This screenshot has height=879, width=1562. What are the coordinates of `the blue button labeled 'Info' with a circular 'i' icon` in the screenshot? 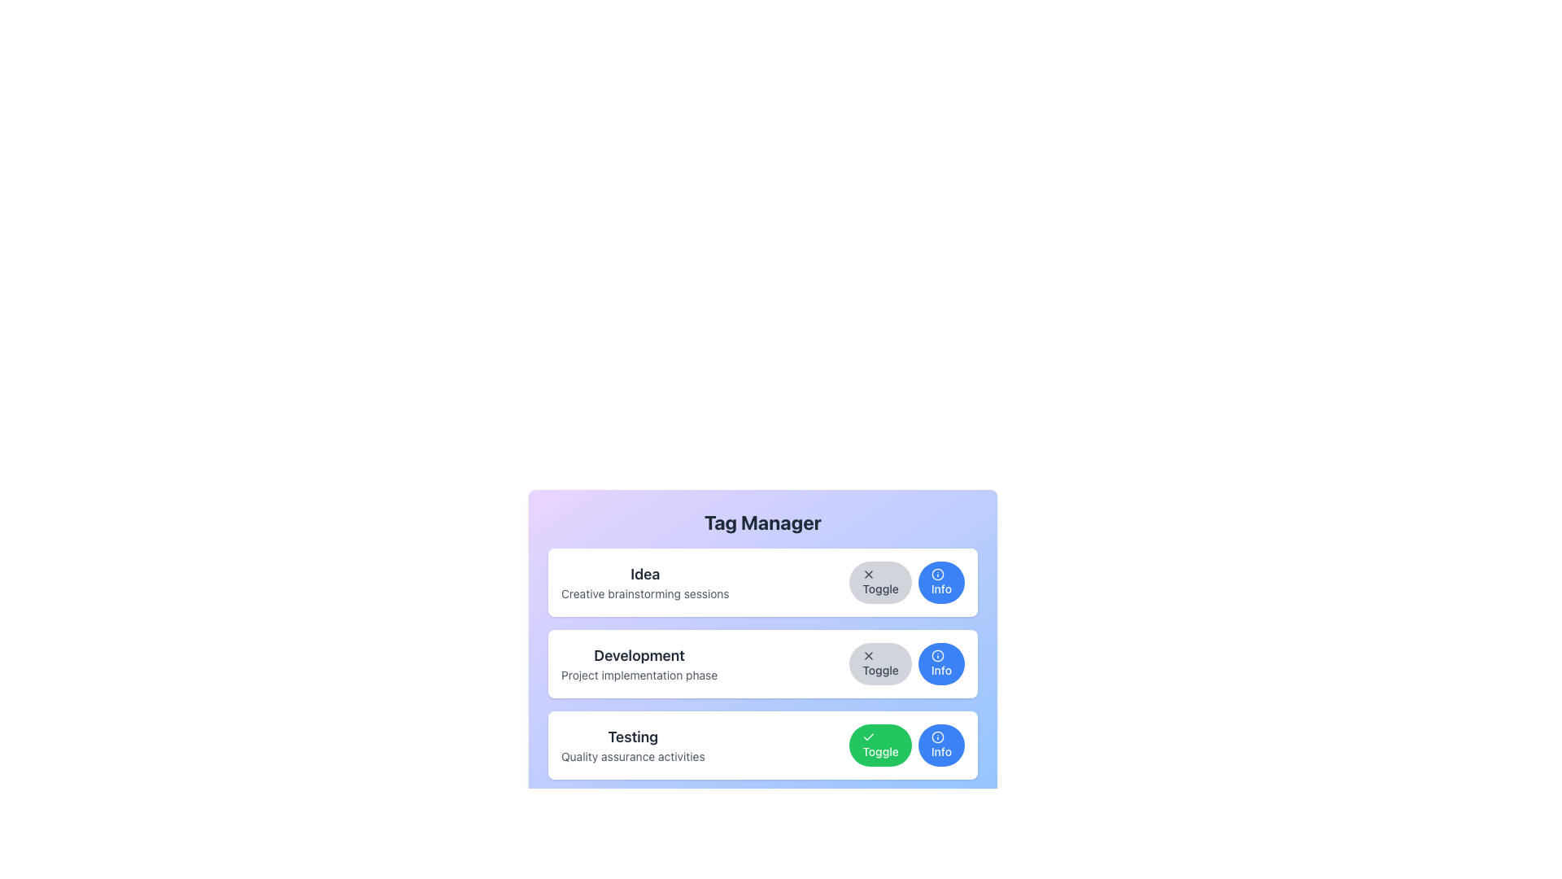 It's located at (941, 664).